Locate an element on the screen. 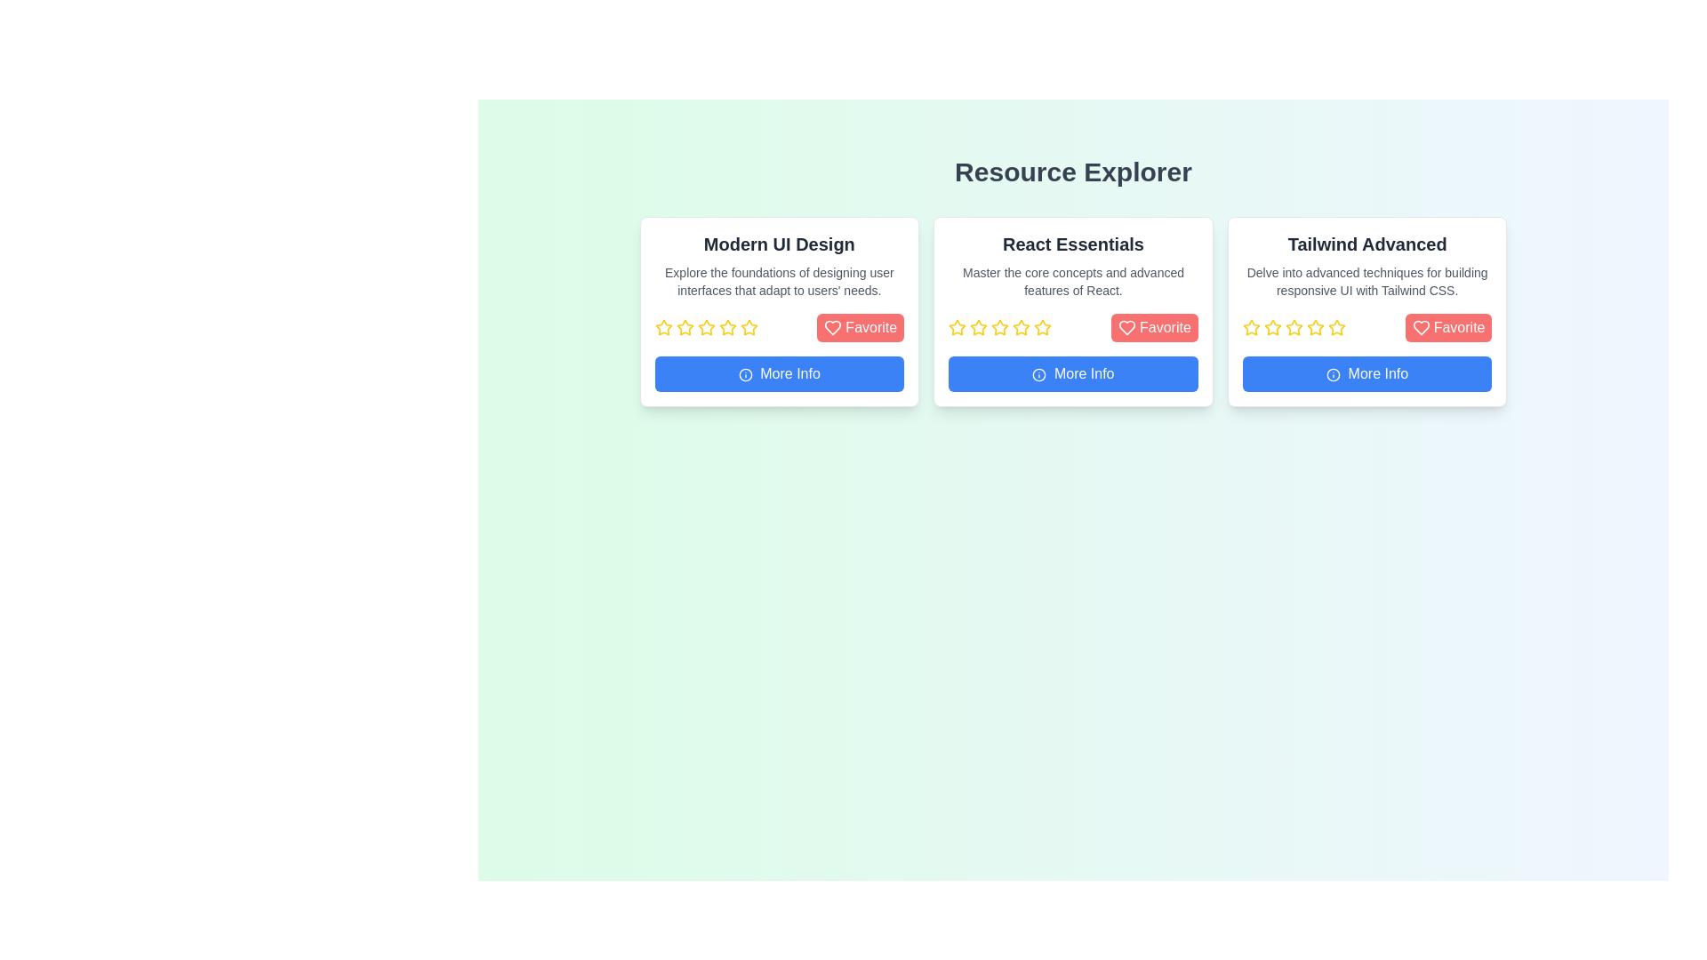  the second star icon in the rating component for the 'React Essentials' card in the 'Resource Explorer' section is located at coordinates (978, 327).